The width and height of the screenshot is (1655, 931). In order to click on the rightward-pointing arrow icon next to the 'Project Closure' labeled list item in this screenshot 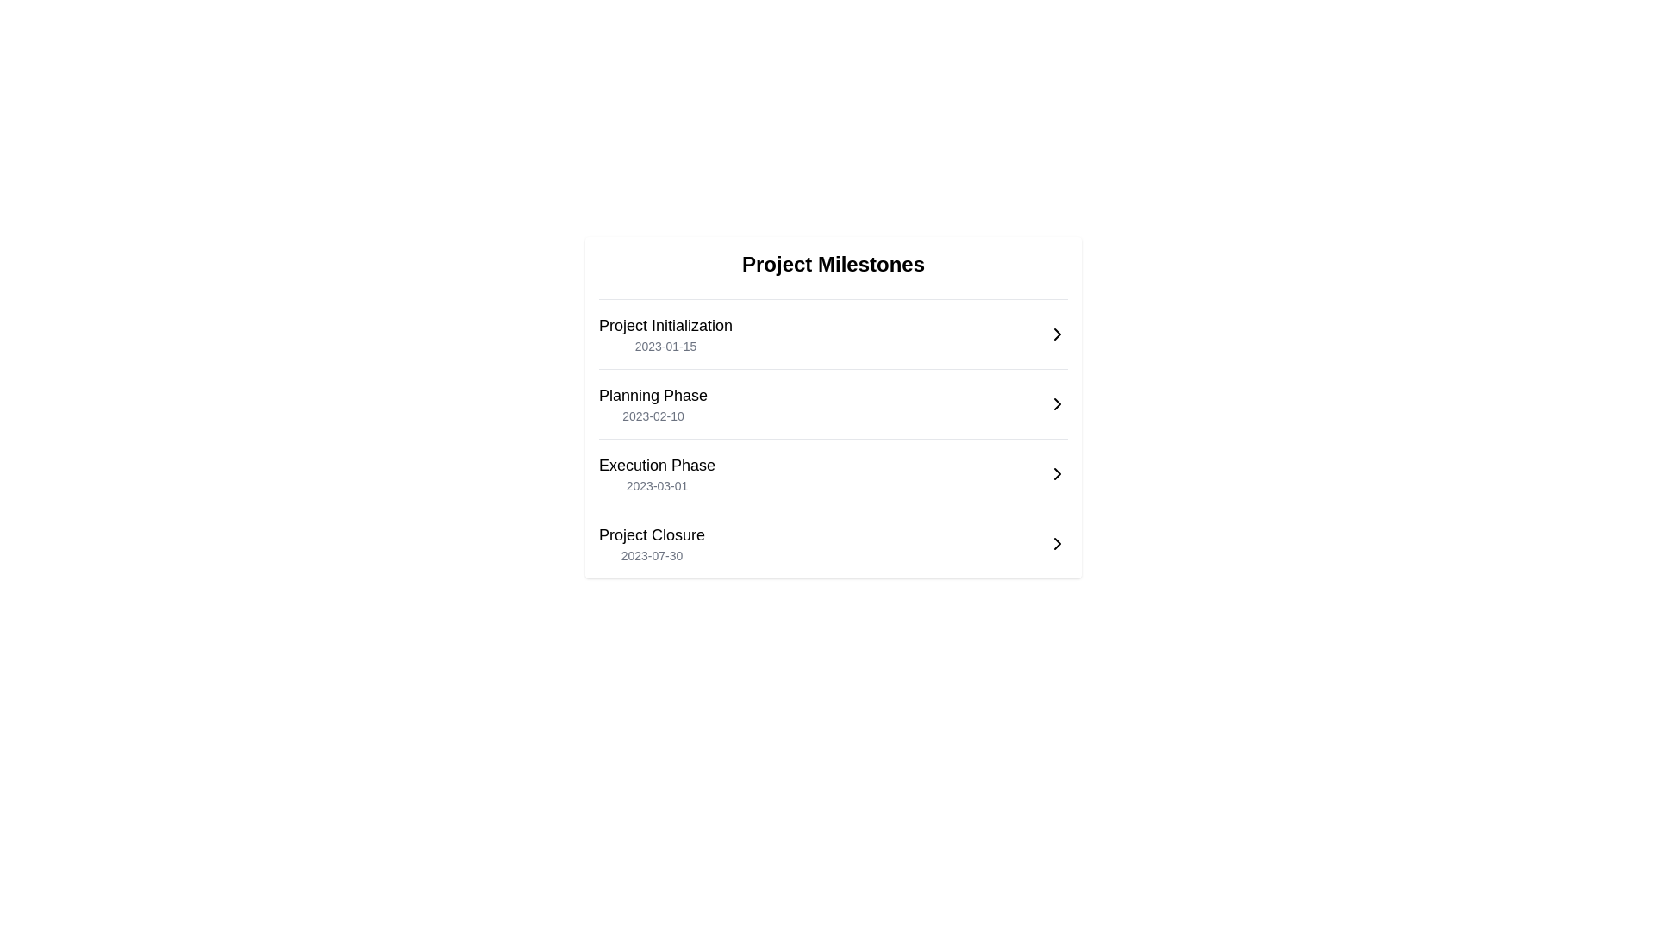, I will do `click(1057, 544)`.